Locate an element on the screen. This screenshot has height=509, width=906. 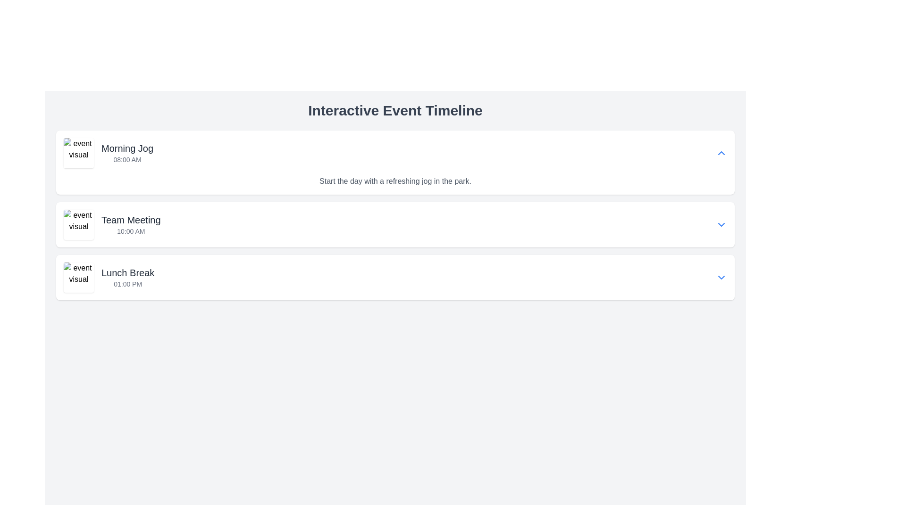
the blue downward-pointing chevron icon adjacent to the 'Lunch Break 01:00 PM' schedule item for tooltip or additional interaction is located at coordinates (721, 277).